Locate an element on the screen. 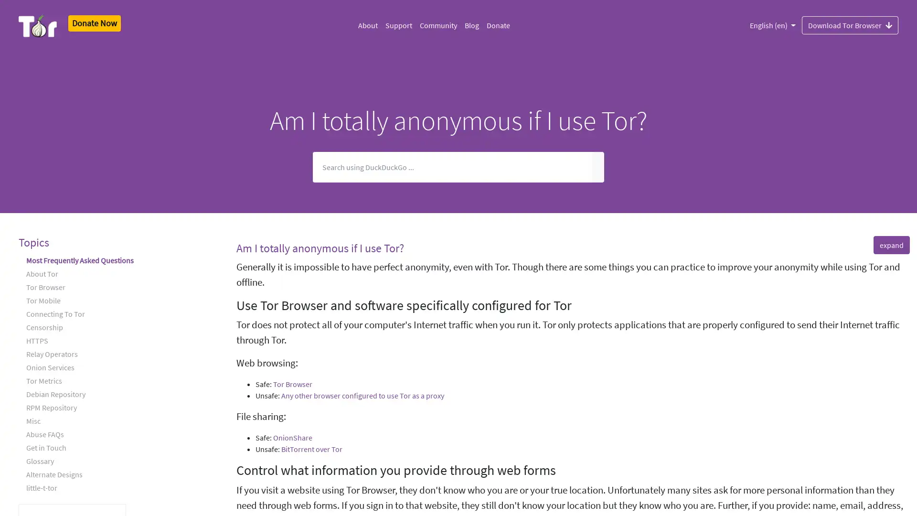 Image resolution: width=917 pixels, height=516 pixels. Get in Touch is located at coordinates (118, 447).